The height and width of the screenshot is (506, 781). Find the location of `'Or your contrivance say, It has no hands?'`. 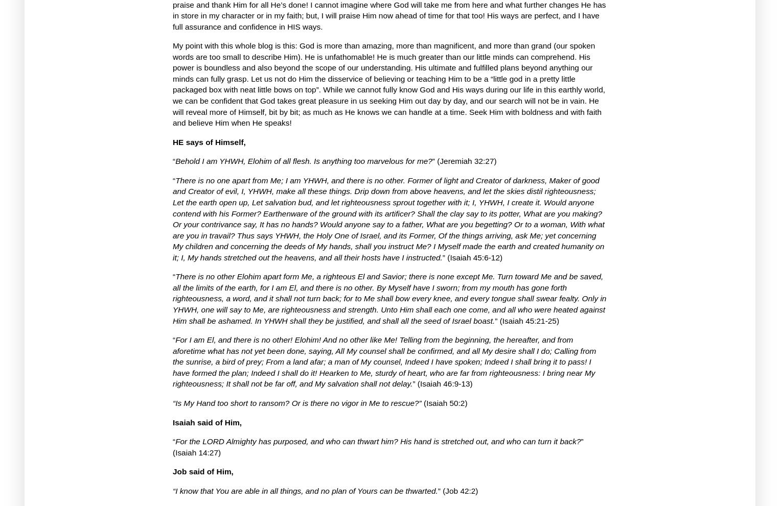

'Or your contrivance say, It has no hands?' is located at coordinates (244, 224).